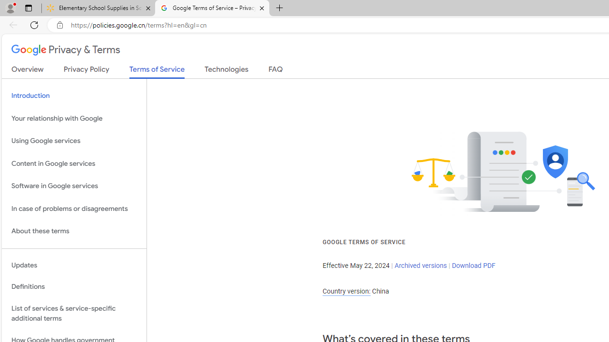  Describe the element at coordinates (74, 141) in the screenshot. I see `'Using Google services'` at that location.